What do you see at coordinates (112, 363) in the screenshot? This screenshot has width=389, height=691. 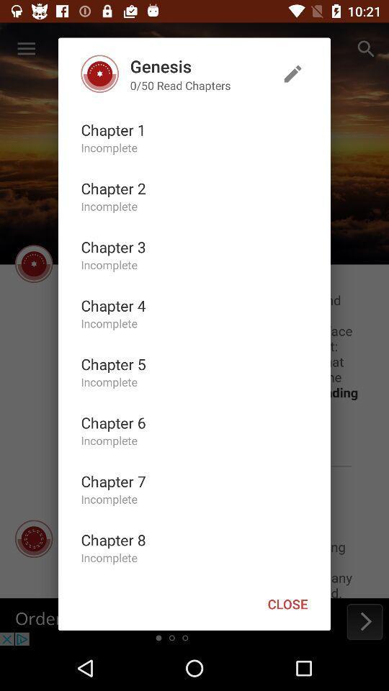 I see `the item below incomplete` at bounding box center [112, 363].